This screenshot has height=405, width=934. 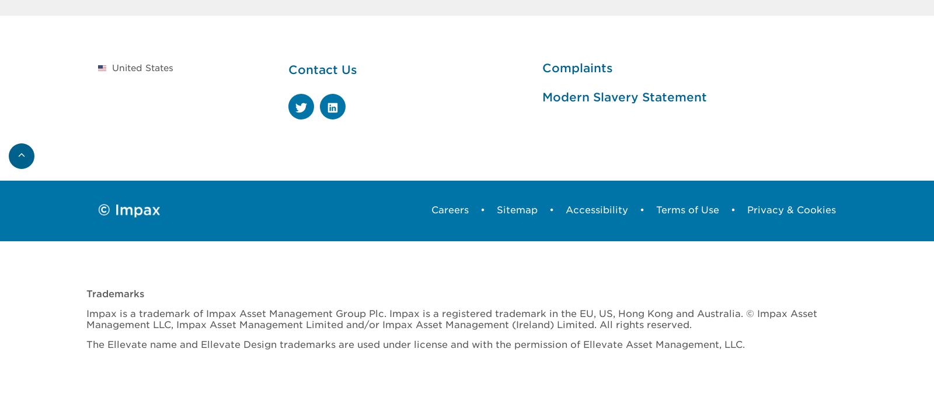 What do you see at coordinates (452, 317) in the screenshot?
I see `'Impax is a trademark of Impax Asset Management Group Plc. Impax is a registered trademark in the EU, US, Hong Kong and Australia. © Impax Asset Management LLC, Impax Asset Management Limited and/or Impax Asset Management (Ireland) Limited. All rights reserved.'` at bounding box center [452, 317].